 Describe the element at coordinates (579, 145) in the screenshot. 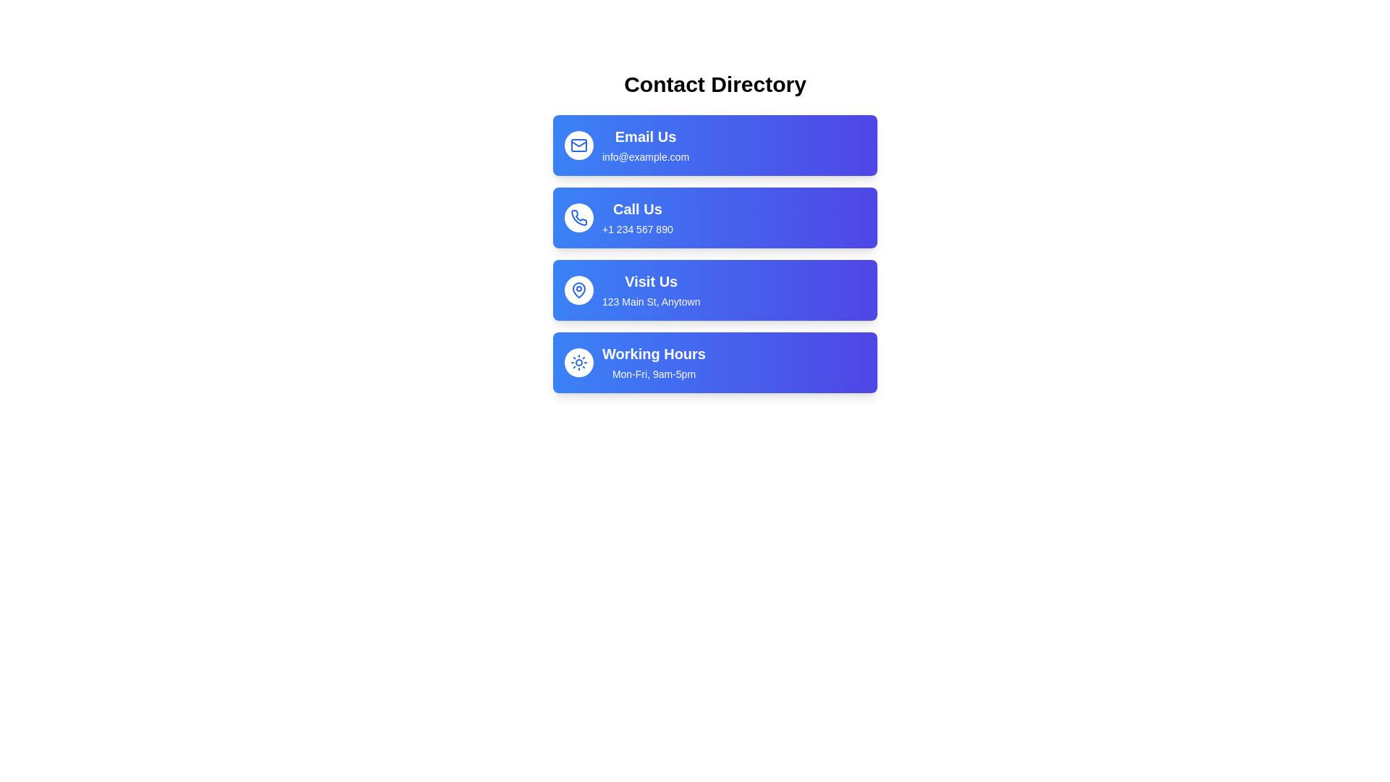

I see `the email contact icon located to the left of the text 'Email Us' and 'info@example.com' within the first card of the contact options list` at that location.